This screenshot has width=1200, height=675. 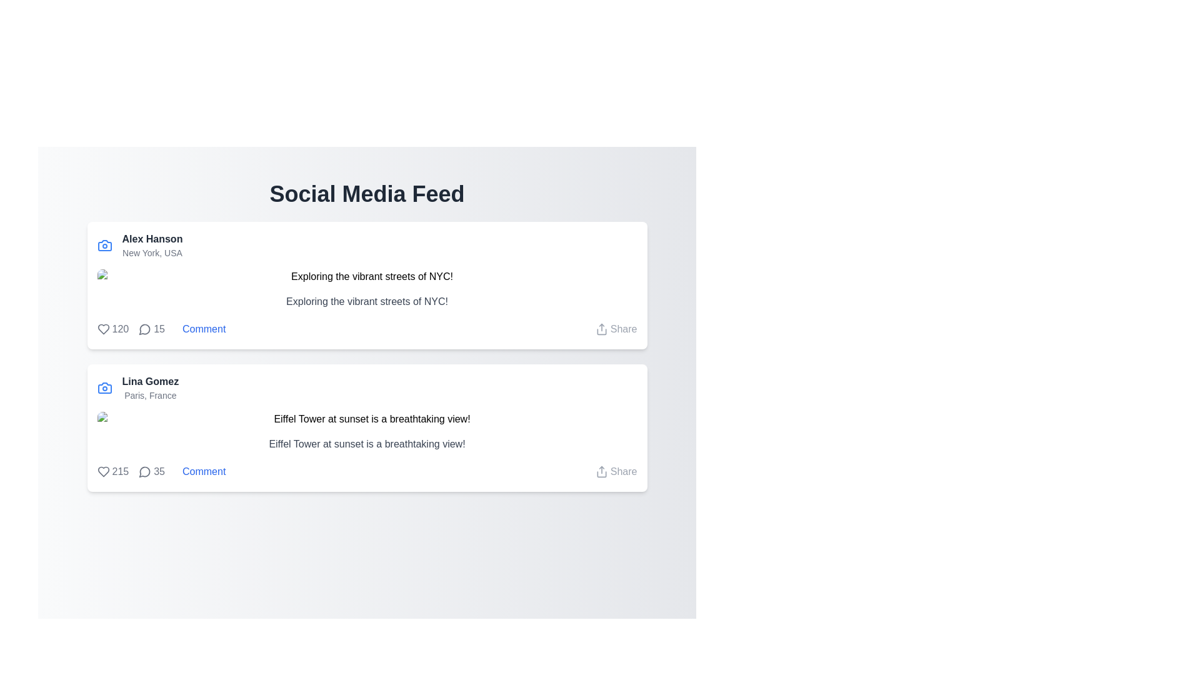 What do you see at coordinates (151, 472) in the screenshot?
I see `numeric label displaying the number '35' located next to the comment icon within the second post card, adjacent to the heart-shaped like count and to the left of the 'Comment' button` at bounding box center [151, 472].